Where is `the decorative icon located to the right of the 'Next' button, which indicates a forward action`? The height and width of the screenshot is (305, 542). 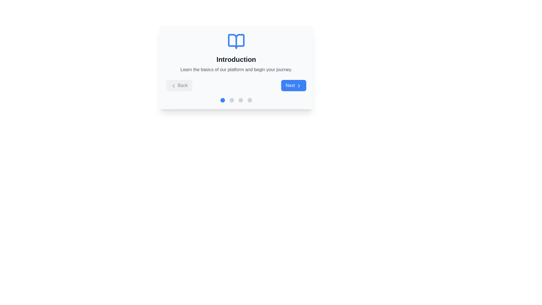 the decorative icon located to the right of the 'Next' button, which indicates a forward action is located at coordinates (299, 86).